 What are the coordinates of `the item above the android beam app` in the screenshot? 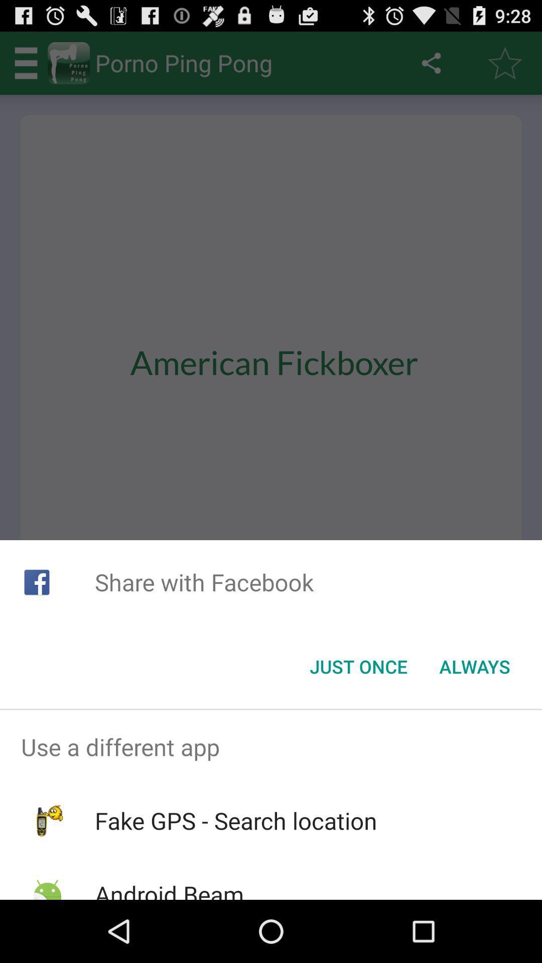 It's located at (236, 821).